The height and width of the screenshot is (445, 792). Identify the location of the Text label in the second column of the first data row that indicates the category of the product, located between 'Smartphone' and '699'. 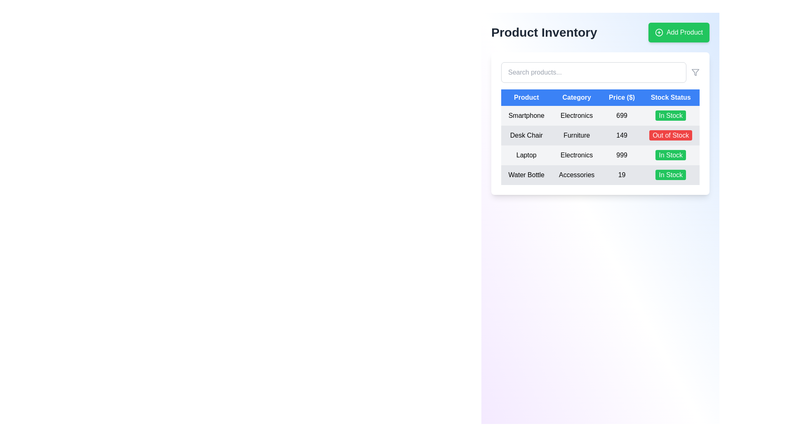
(576, 116).